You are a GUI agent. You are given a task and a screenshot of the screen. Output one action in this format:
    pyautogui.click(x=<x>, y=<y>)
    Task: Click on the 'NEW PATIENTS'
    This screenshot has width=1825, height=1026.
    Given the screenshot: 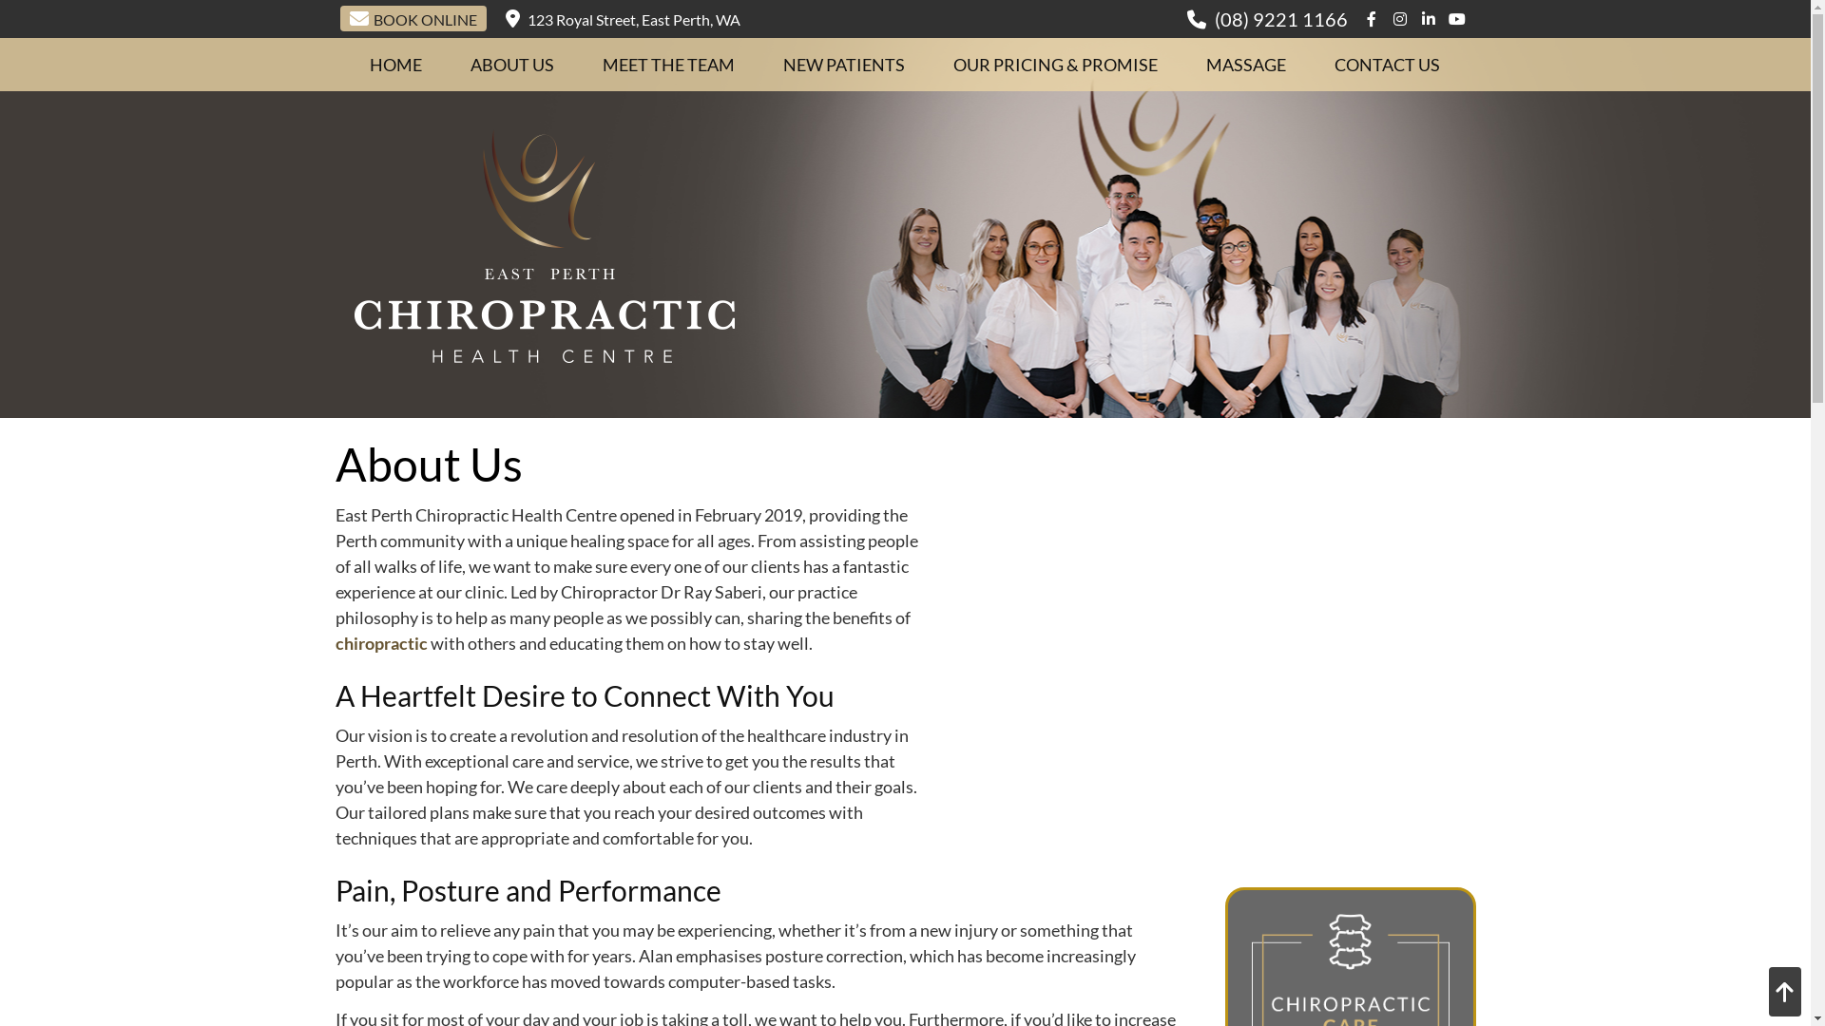 What is the action you would take?
    pyautogui.click(x=843, y=64)
    